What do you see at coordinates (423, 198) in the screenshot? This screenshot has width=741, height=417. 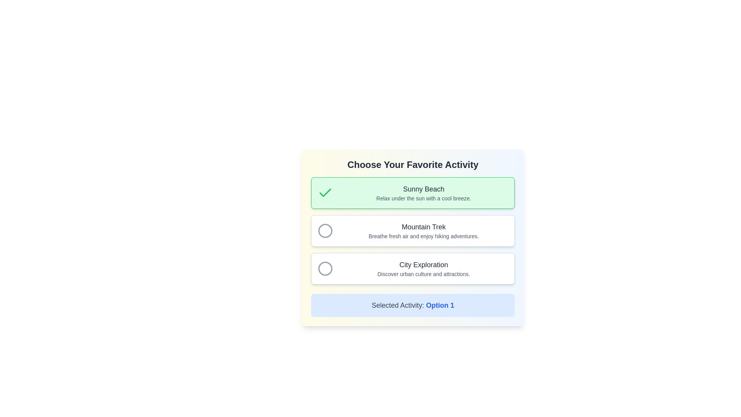 I see `the Text label that provides additional descriptive information about the 'Sunny Beach' option, which is located directly below the title within a highlighted selection box` at bounding box center [423, 198].